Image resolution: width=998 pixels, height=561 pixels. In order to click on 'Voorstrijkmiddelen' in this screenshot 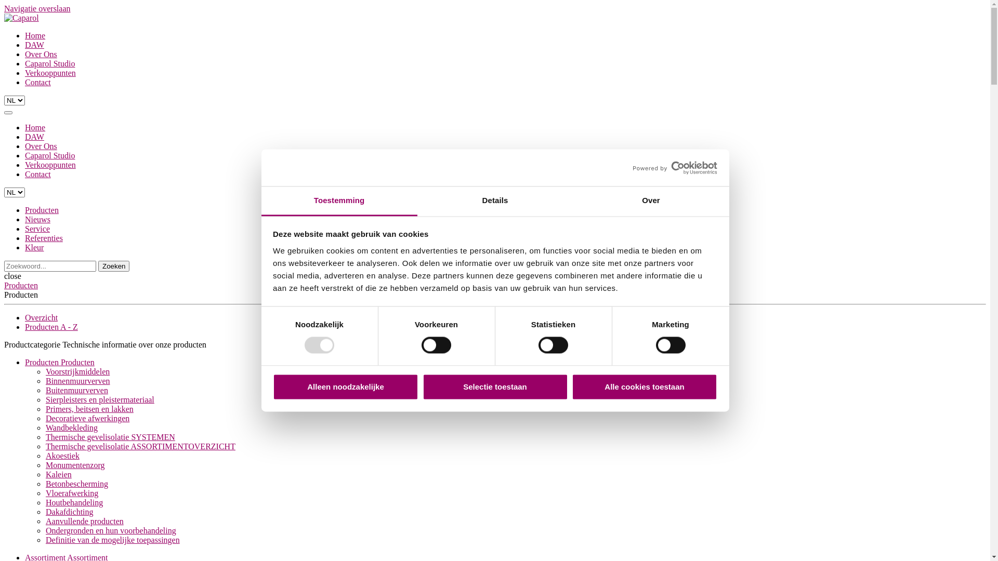, I will do `click(45, 371)`.